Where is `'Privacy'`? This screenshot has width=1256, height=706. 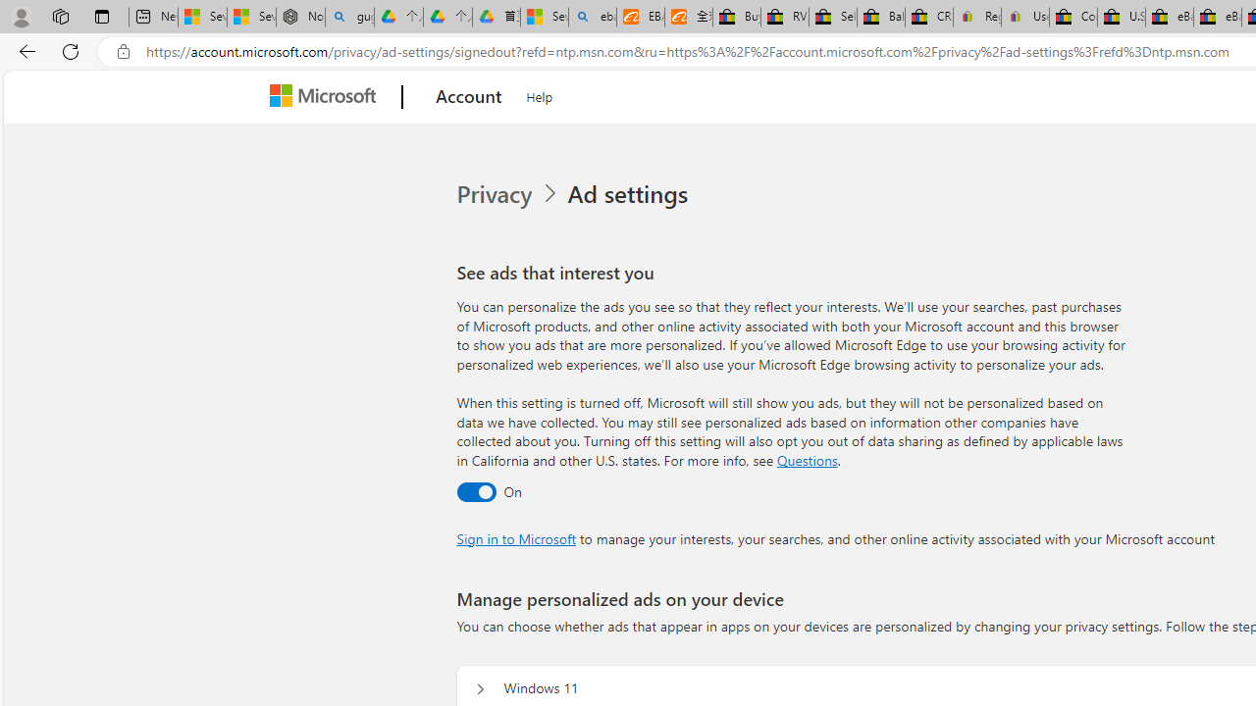
'Privacy' is located at coordinates (509, 194).